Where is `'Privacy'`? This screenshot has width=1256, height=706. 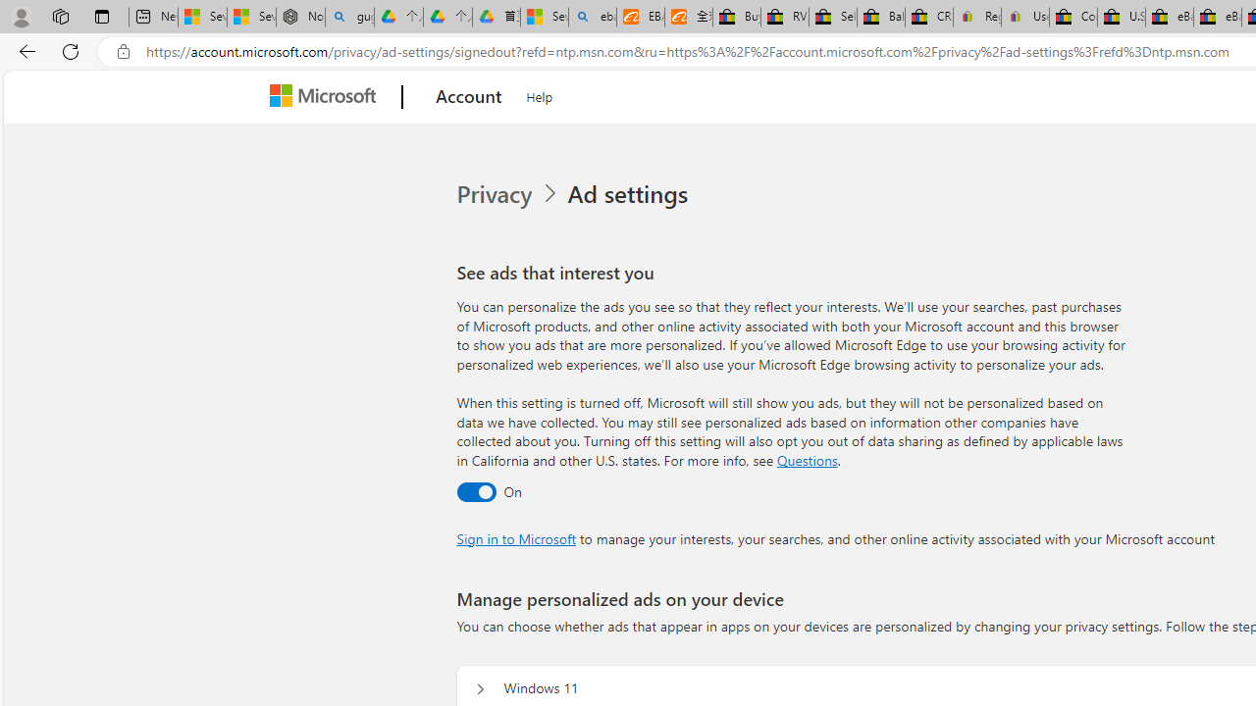
'Privacy' is located at coordinates (509, 194).